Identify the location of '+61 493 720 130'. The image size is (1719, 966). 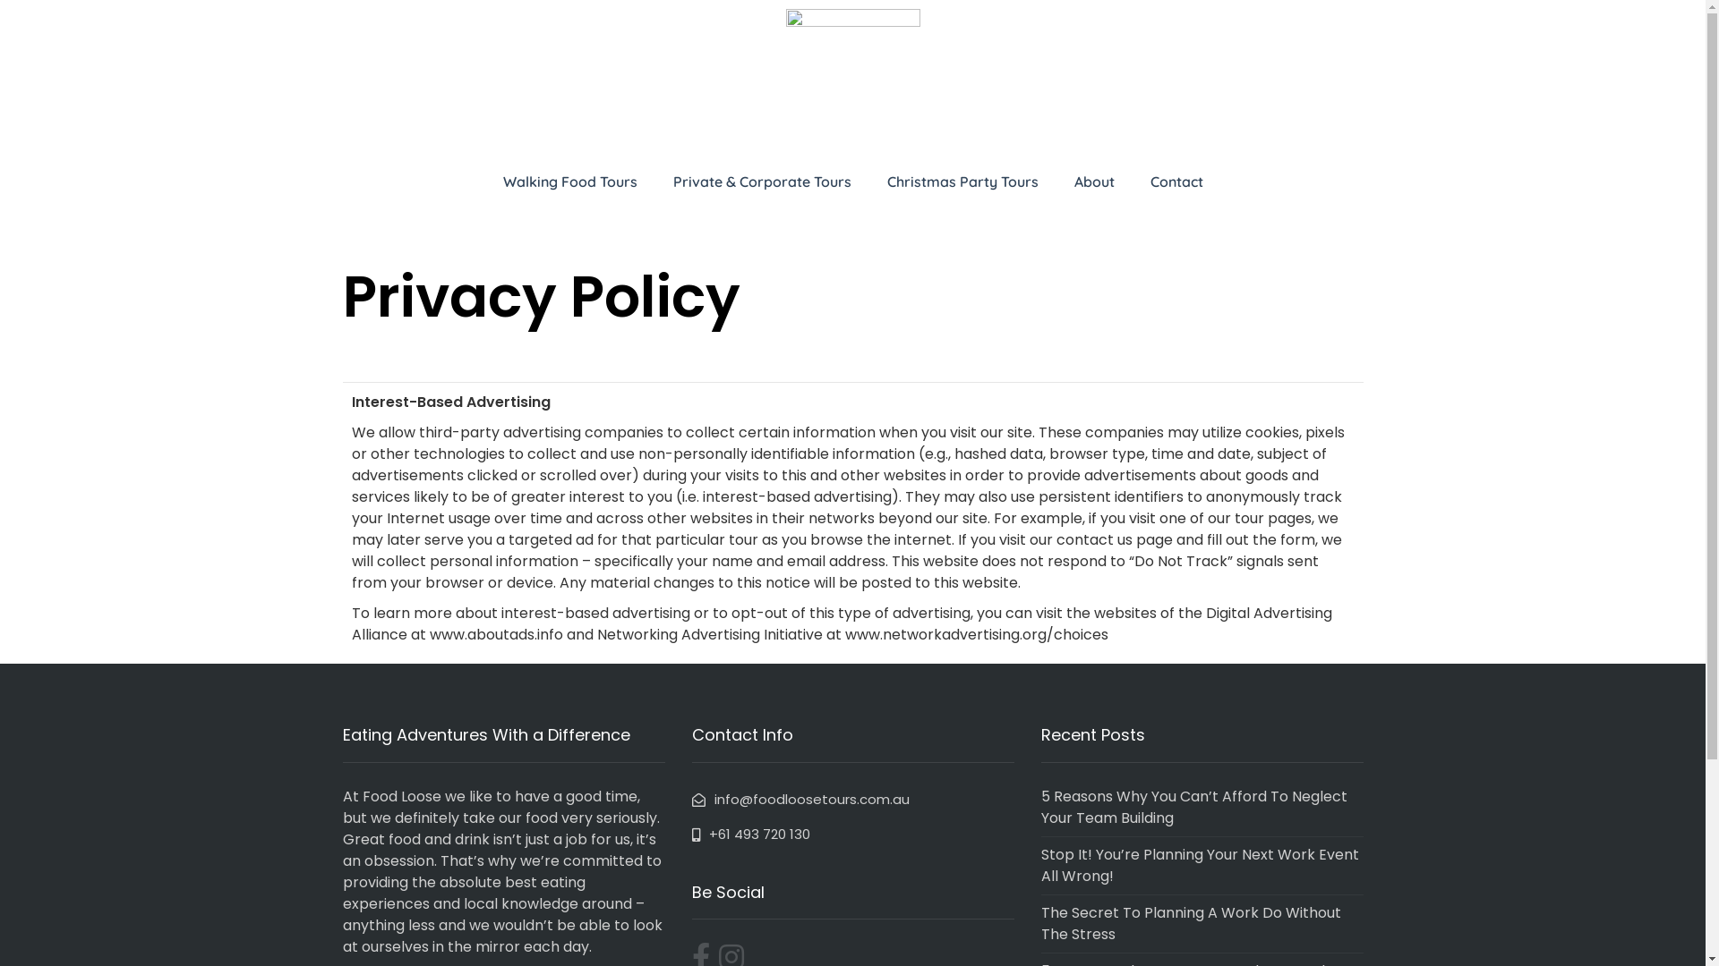
(750, 834).